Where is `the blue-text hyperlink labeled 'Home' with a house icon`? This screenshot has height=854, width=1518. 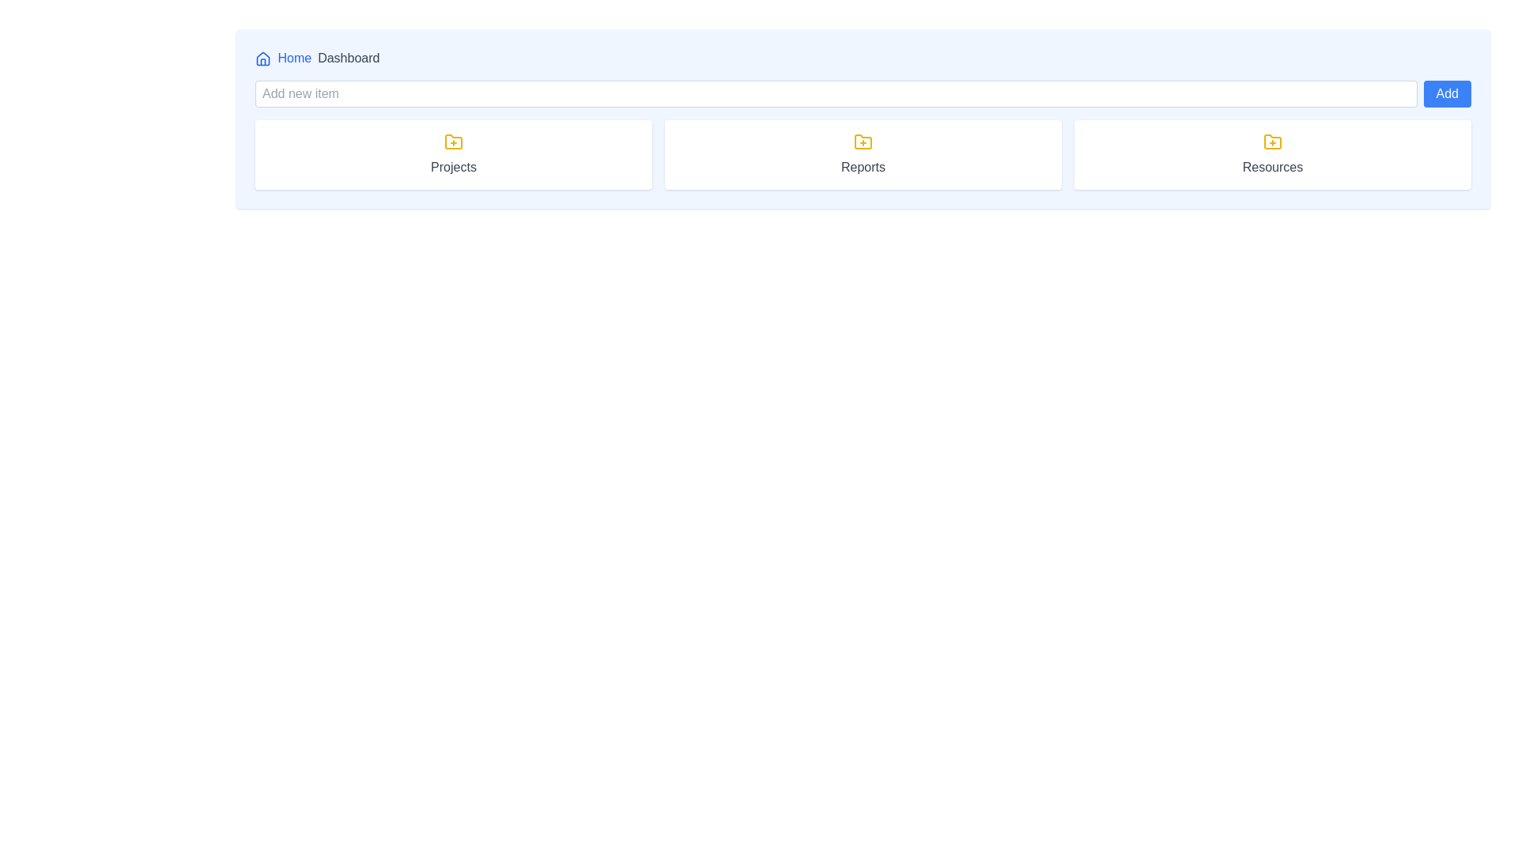
the blue-text hyperlink labeled 'Home' with a house icon is located at coordinates (283, 57).